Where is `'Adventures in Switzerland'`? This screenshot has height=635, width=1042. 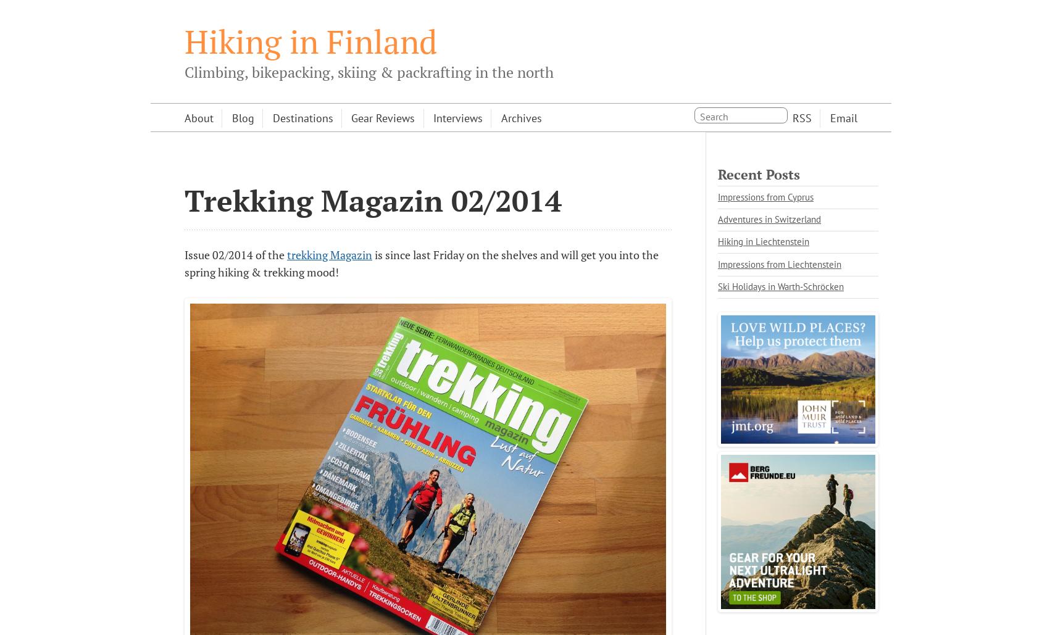
'Adventures in Switzerland' is located at coordinates (769, 218).